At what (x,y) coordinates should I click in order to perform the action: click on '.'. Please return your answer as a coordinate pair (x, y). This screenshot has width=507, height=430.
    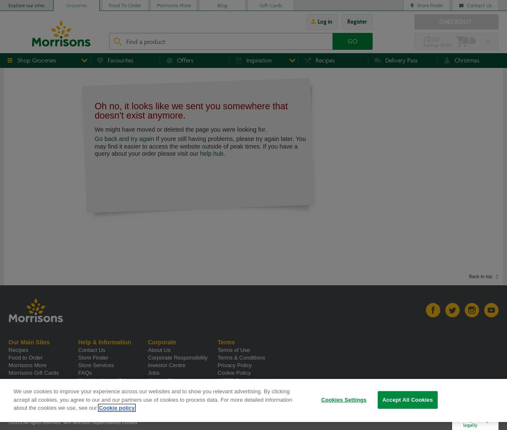
    Looking at the image, I should click on (224, 153).